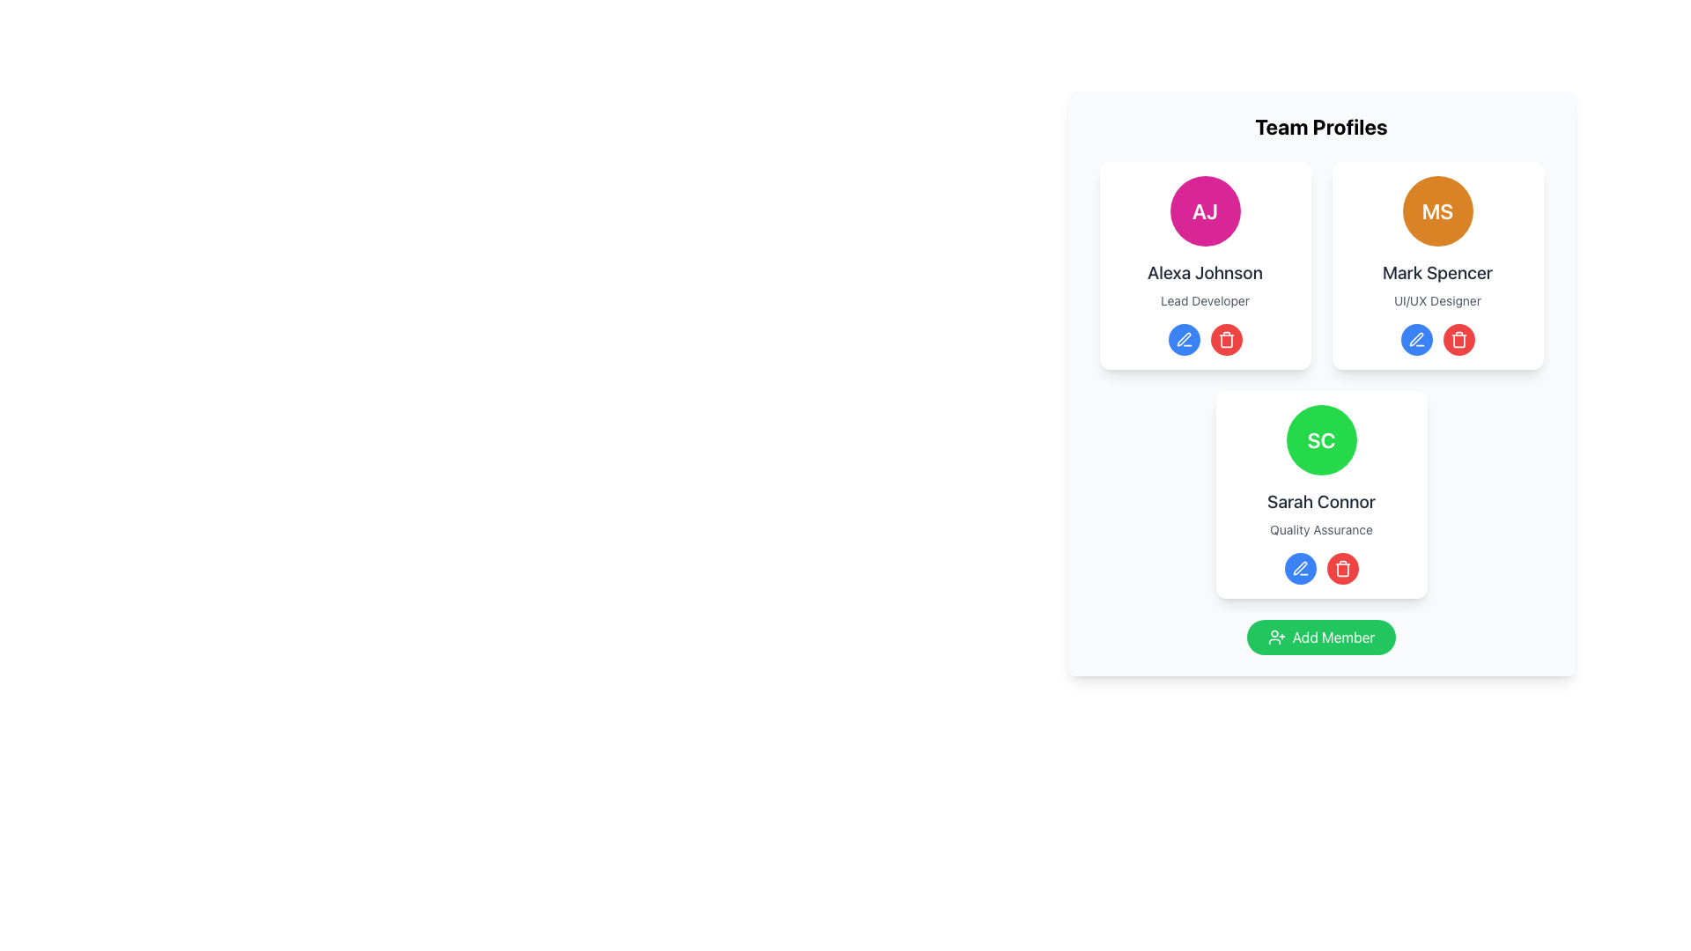  Describe the element at coordinates (1321, 439) in the screenshot. I see `the circular button with a green background and white letters 'SC' located above the name 'Sarah Connor' in the 'Team Profiles' section` at that location.